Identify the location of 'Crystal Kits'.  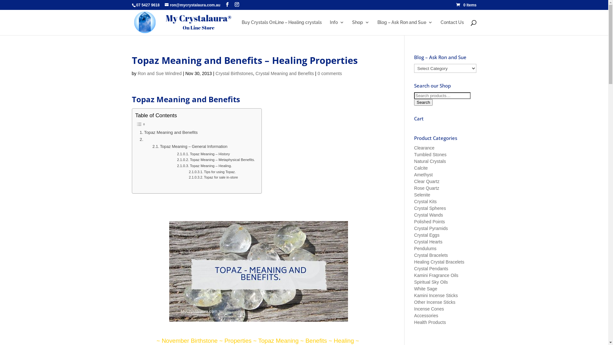
(414, 202).